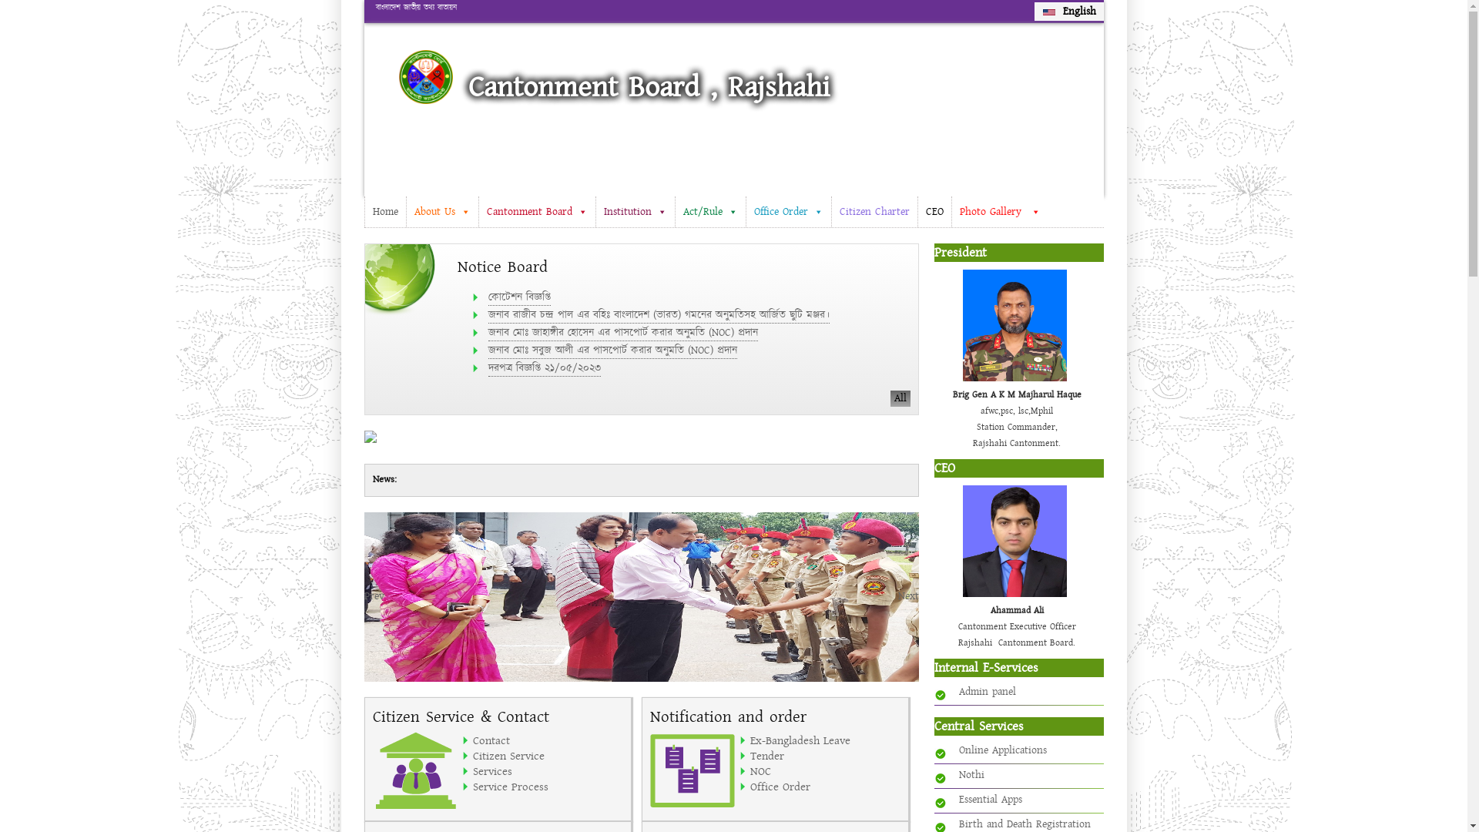 This screenshot has height=832, width=1479. What do you see at coordinates (1068, 12) in the screenshot?
I see `'English'` at bounding box center [1068, 12].